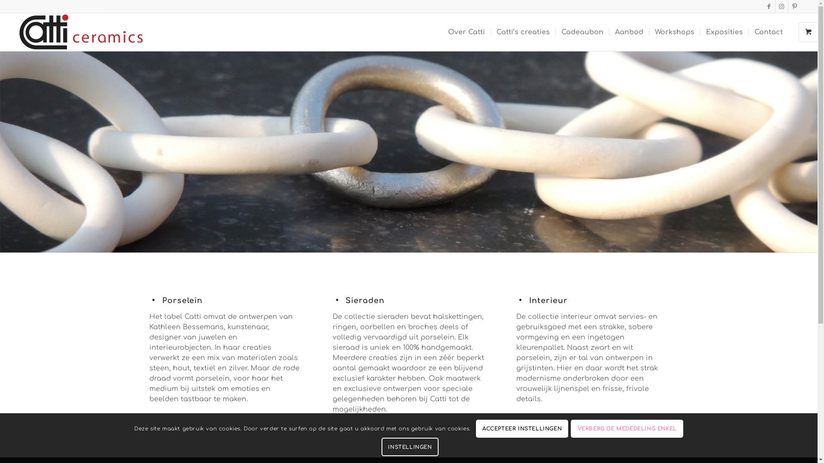  Describe the element at coordinates (794, 6) in the screenshot. I see `'Pinterest'` at that location.